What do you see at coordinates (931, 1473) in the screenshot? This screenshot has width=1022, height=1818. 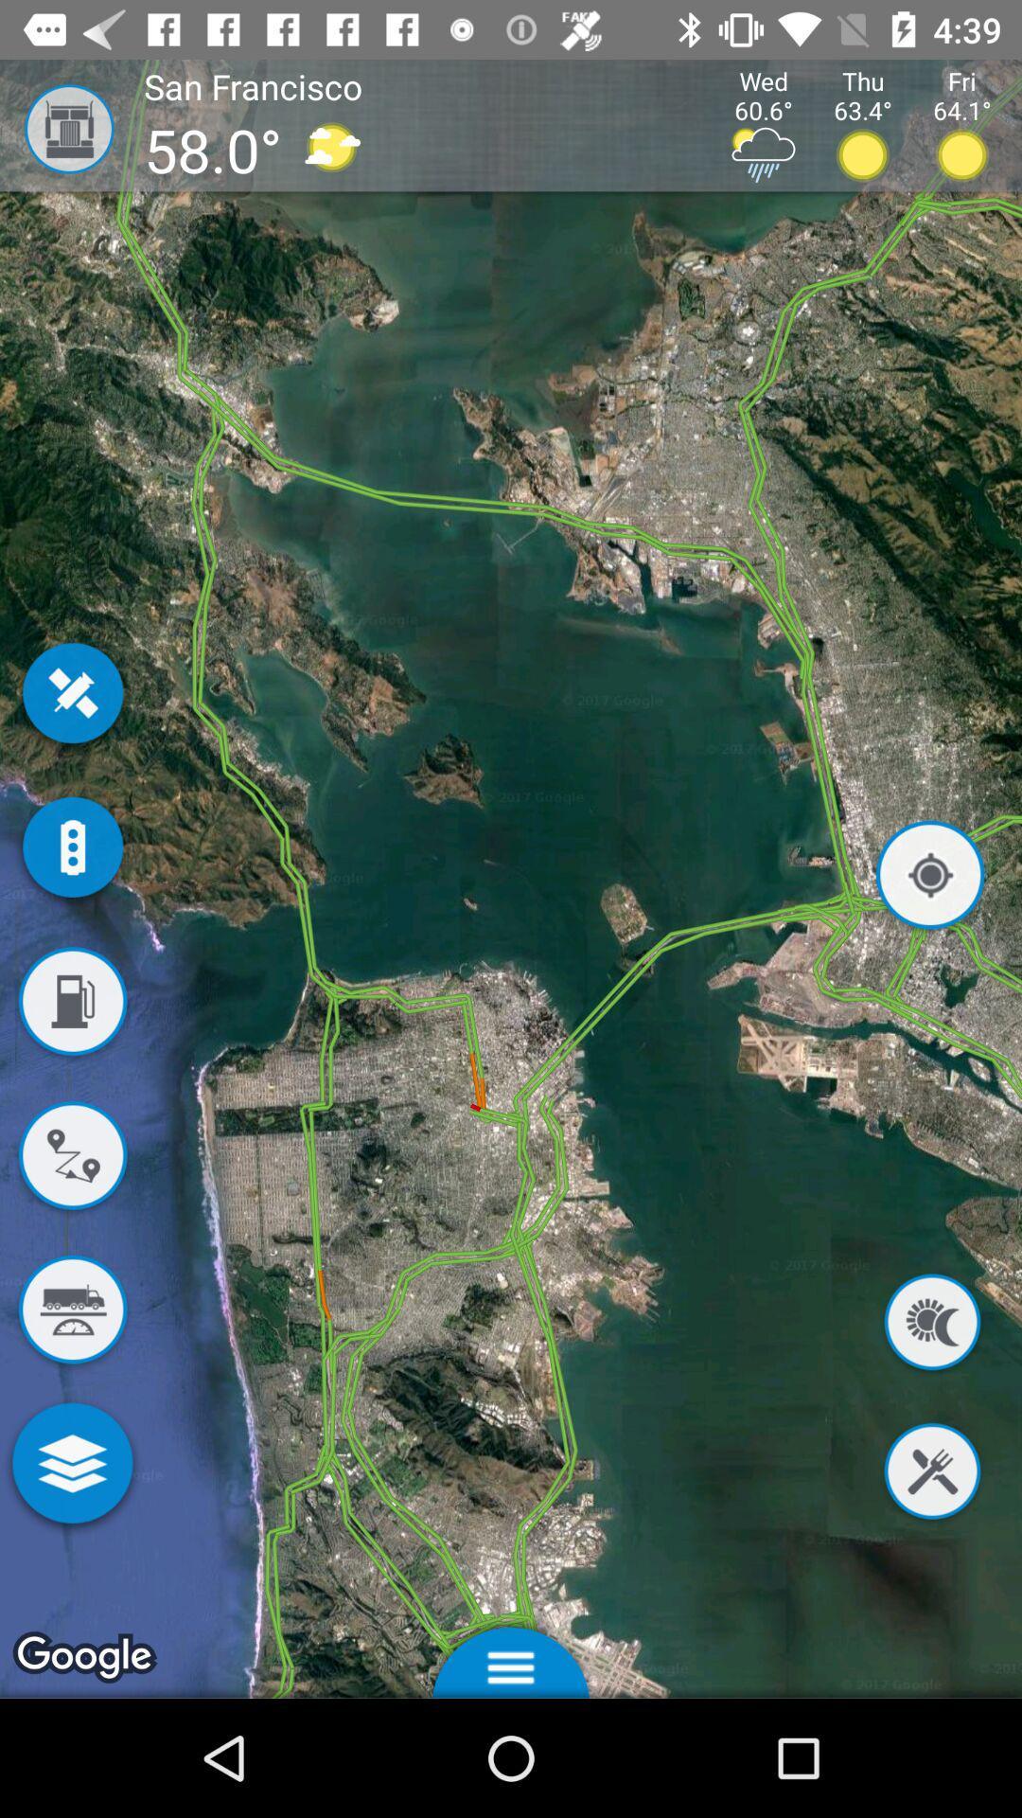 I see `food near me option` at bounding box center [931, 1473].